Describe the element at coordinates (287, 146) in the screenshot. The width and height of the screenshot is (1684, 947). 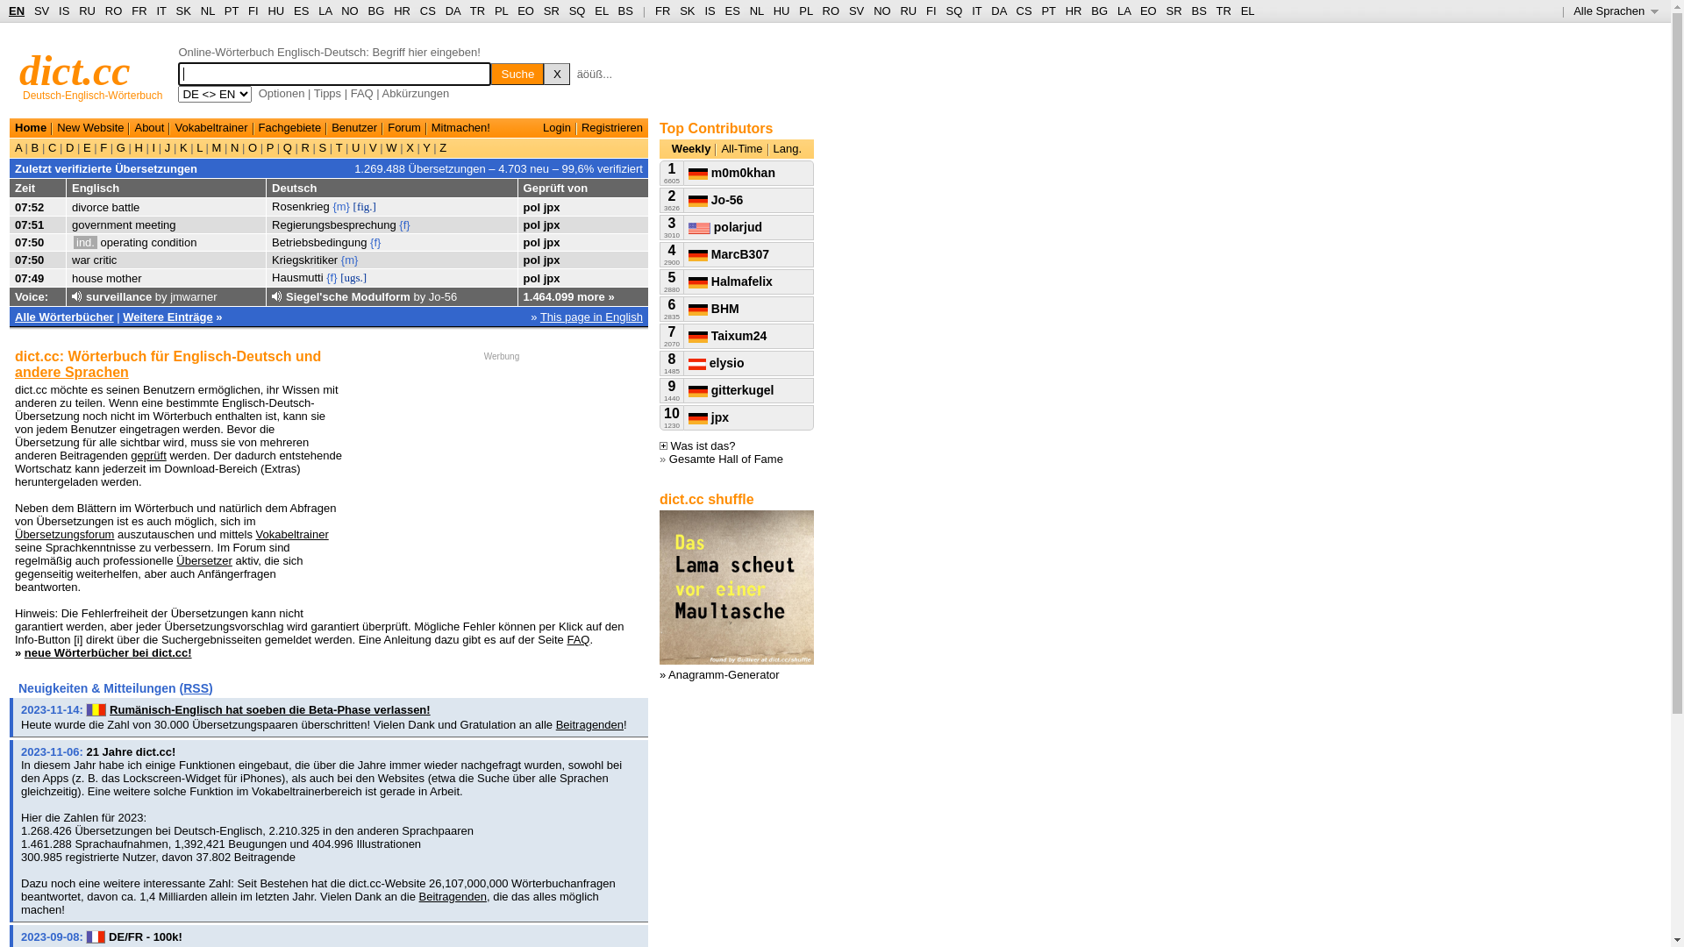
I see `'Q'` at that location.